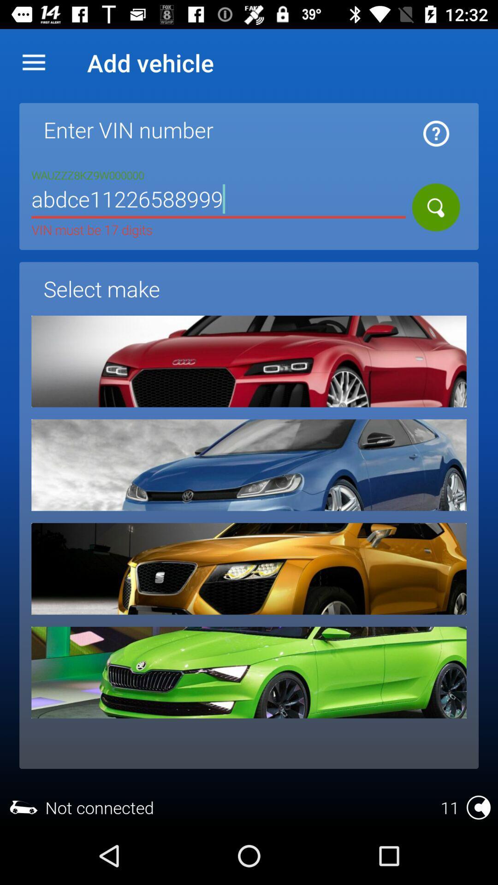 This screenshot has width=498, height=885. What do you see at coordinates (249, 568) in the screenshot?
I see `make` at bounding box center [249, 568].